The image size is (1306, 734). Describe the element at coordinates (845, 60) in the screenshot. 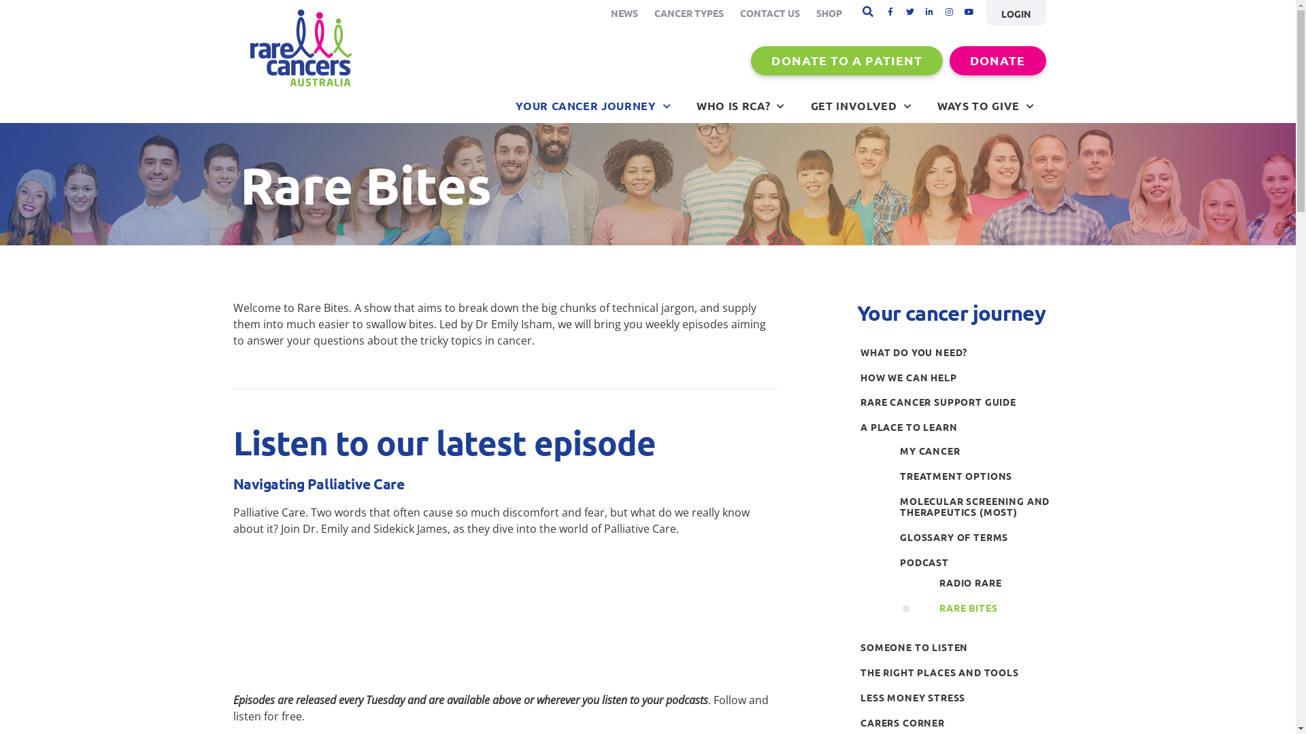

I see `'DONATE TO A PATIENT'` at that location.